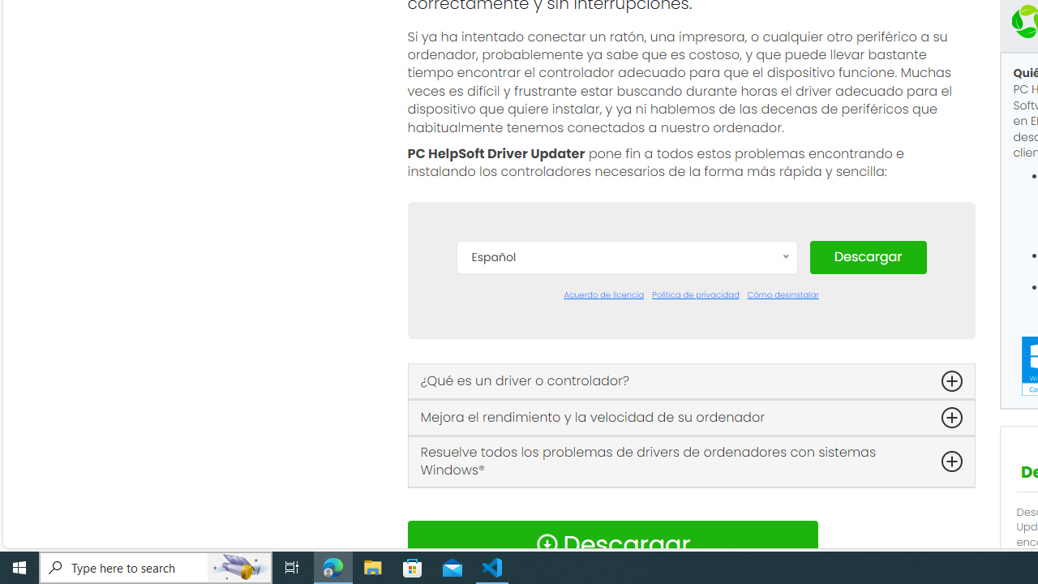 This screenshot has width=1038, height=584. What do you see at coordinates (867, 255) in the screenshot?
I see `'Descargar'` at bounding box center [867, 255].